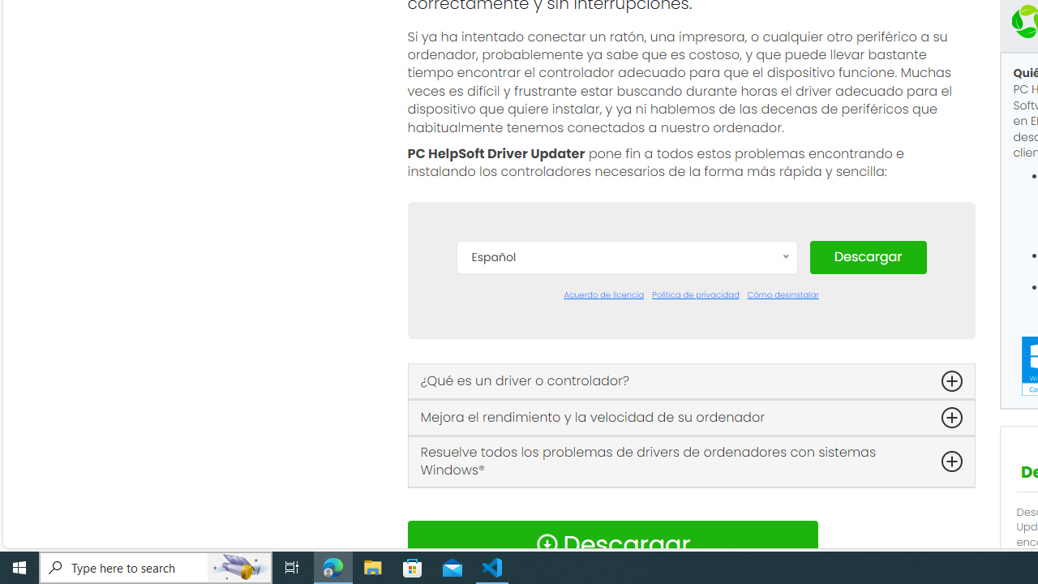 This screenshot has width=1038, height=584. What do you see at coordinates (867, 255) in the screenshot?
I see `'Descargar'` at bounding box center [867, 255].